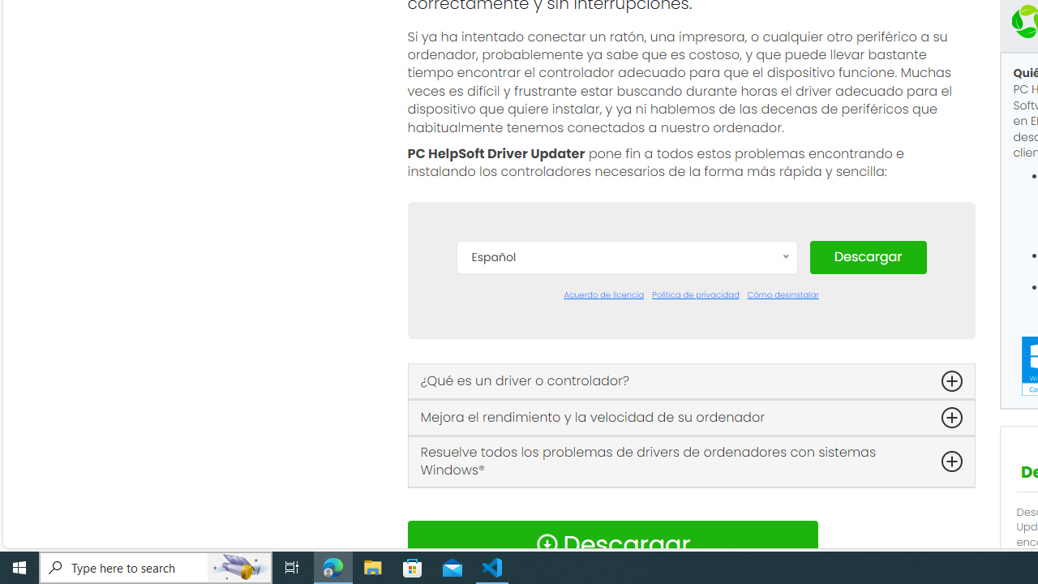 This screenshot has width=1038, height=584. What do you see at coordinates (867, 255) in the screenshot?
I see `'Descargar'` at bounding box center [867, 255].